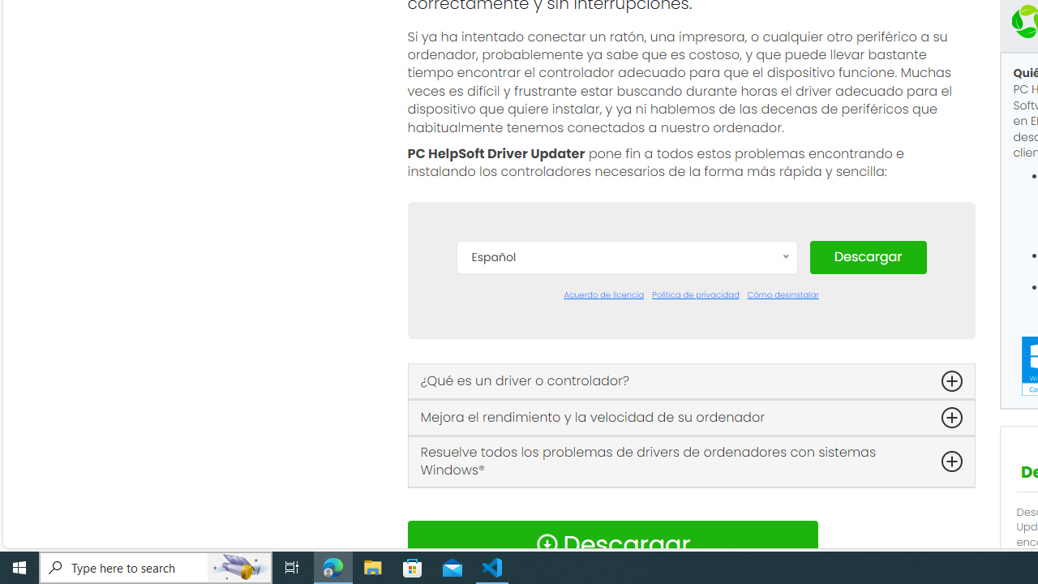 This screenshot has width=1038, height=584. What do you see at coordinates (867, 255) in the screenshot?
I see `'Descargar'` at bounding box center [867, 255].